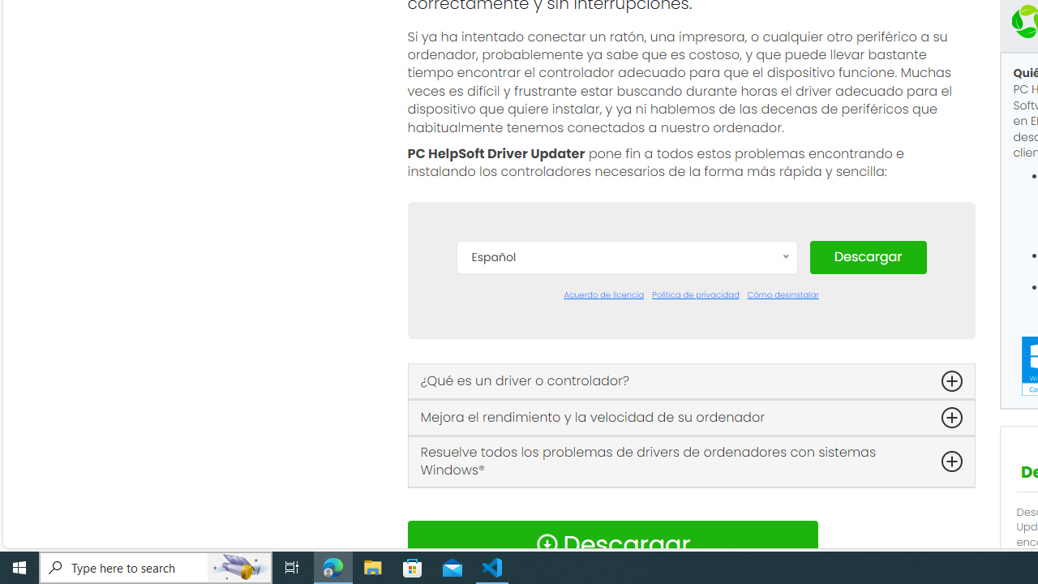 This screenshot has width=1038, height=584. What do you see at coordinates (867, 255) in the screenshot?
I see `'Descargar'` at bounding box center [867, 255].